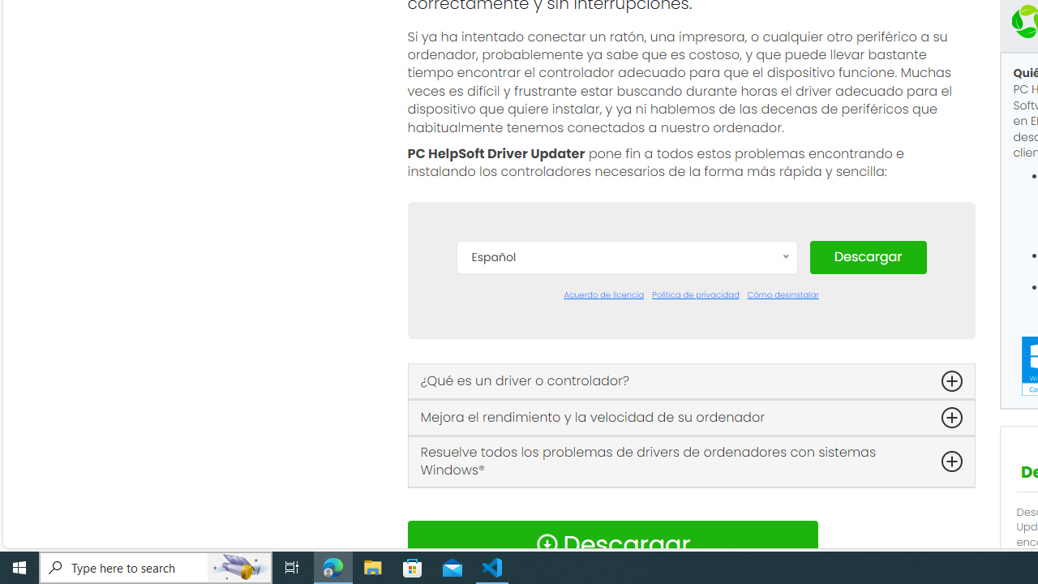 This screenshot has width=1038, height=584. What do you see at coordinates (867, 255) in the screenshot?
I see `'Descargar'` at bounding box center [867, 255].